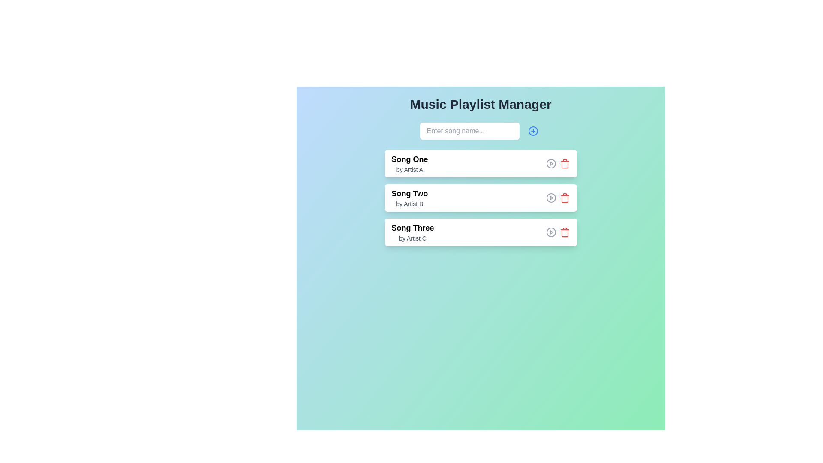 This screenshot has height=463, width=823. Describe the element at coordinates (481, 198) in the screenshot. I see `the Card component representing the playlist item for 'Song Two' by 'Artist B' in the Music Playlist Manager interface` at that location.